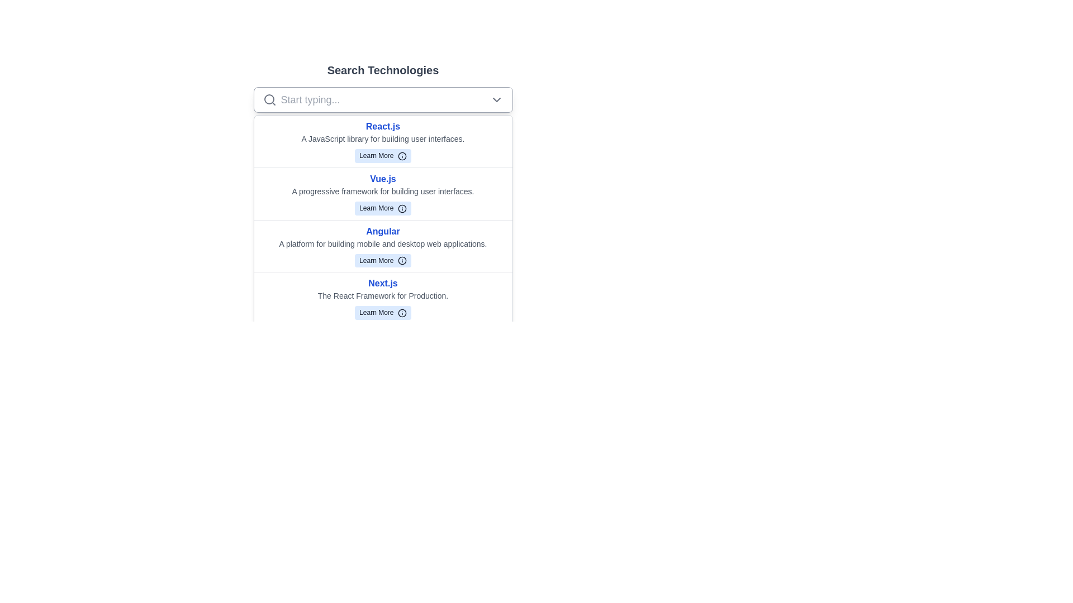 The width and height of the screenshot is (1073, 603). What do you see at coordinates (402, 261) in the screenshot?
I see `the compact circular icon with a blue border and fill, which represents an informative symbol ('i'), located within the 'Learn More' button associated with the 'Angular' technology entry` at bounding box center [402, 261].